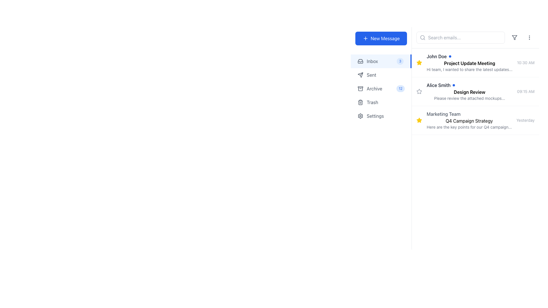 The width and height of the screenshot is (548, 308). I want to click on the visual appearance of the 'Inbox' icon located in the navigation menu, which is the first item in the list of navigation options, so click(360, 61).